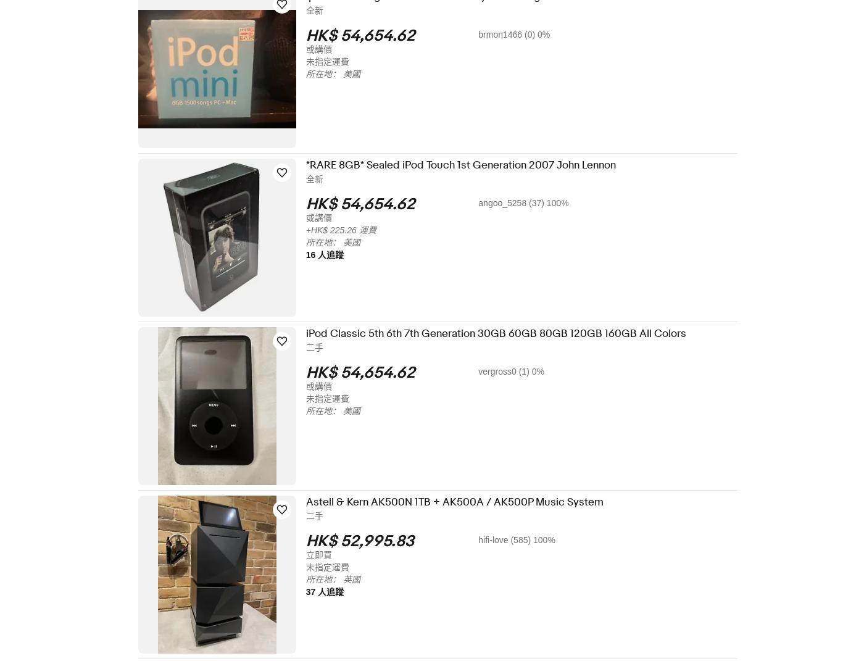 The width and height of the screenshot is (864, 661). I want to click on '16 人追蹤', so click(314, 254).